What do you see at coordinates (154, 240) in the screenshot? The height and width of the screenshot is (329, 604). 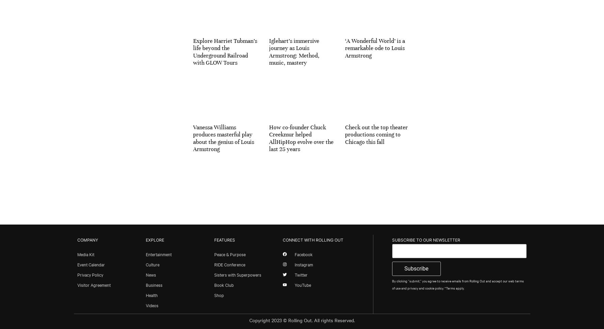 I see `'Explore'` at bounding box center [154, 240].